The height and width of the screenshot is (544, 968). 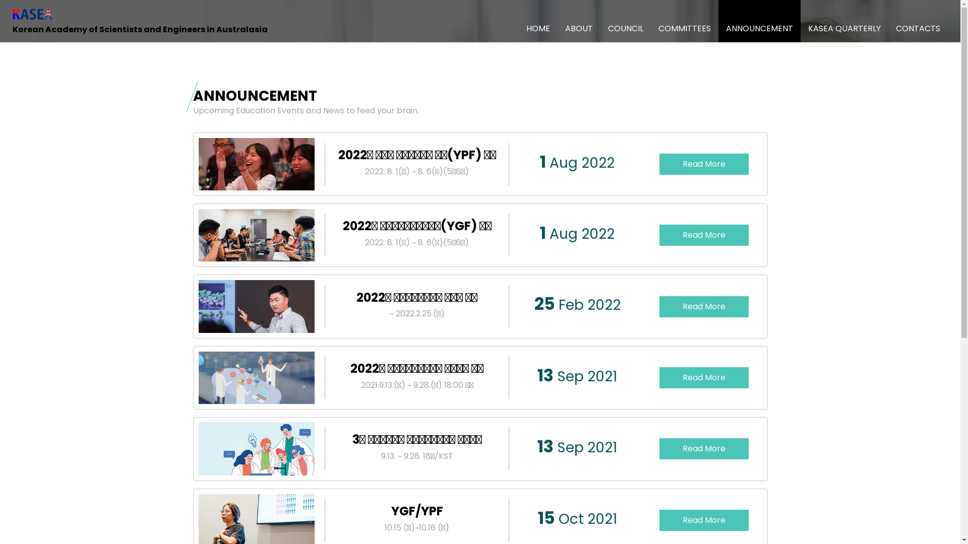 What do you see at coordinates (703, 306) in the screenshot?
I see `'Read More'` at bounding box center [703, 306].